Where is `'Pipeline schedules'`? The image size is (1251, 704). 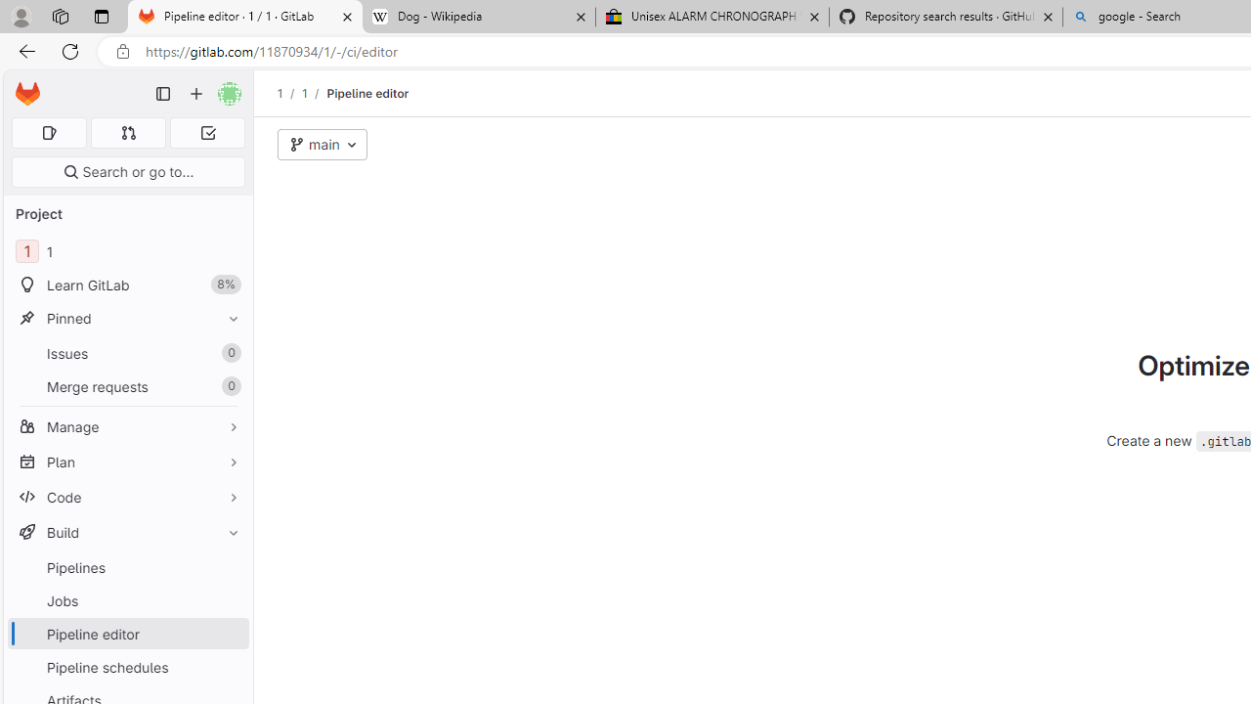 'Pipeline schedules' is located at coordinates (127, 666).